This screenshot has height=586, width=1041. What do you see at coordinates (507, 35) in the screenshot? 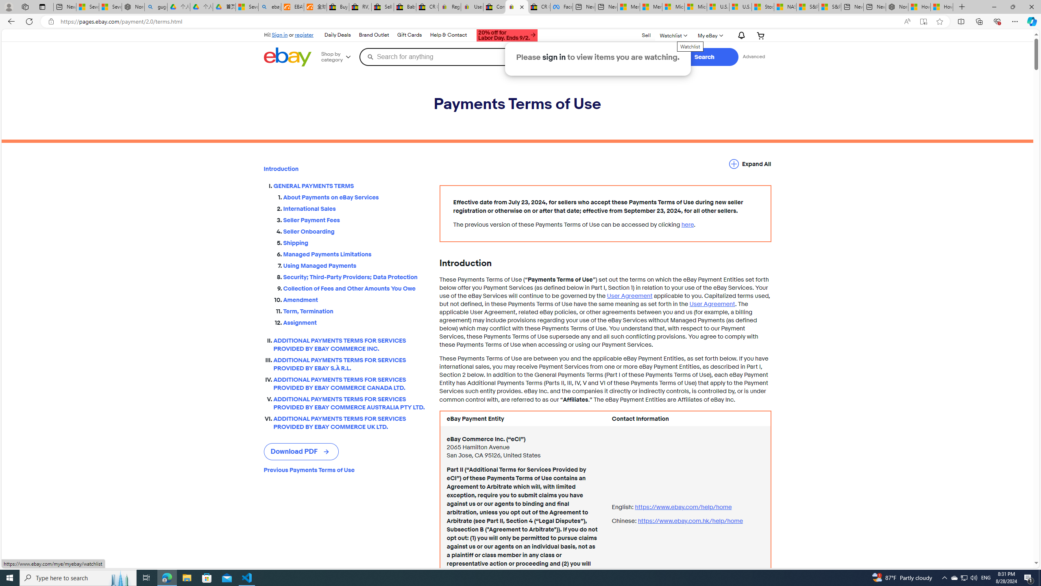
I see `'Get the coupon now'` at bounding box center [507, 35].